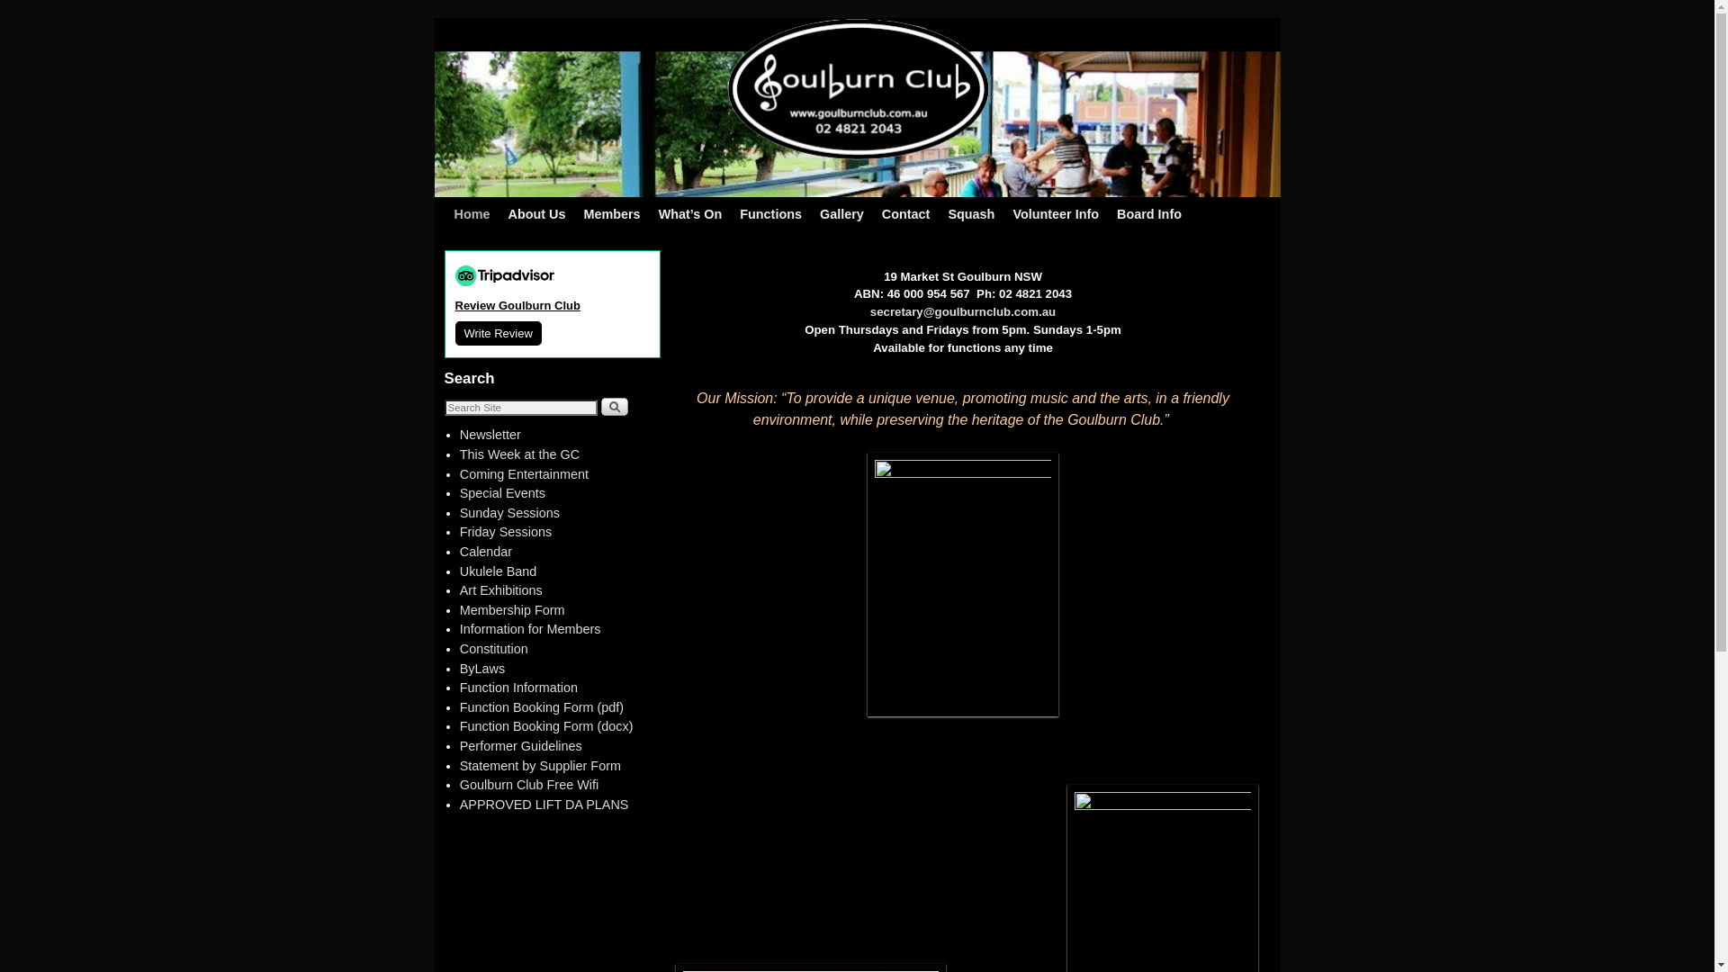 Image resolution: width=1728 pixels, height=972 pixels. What do you see at coordinates (520, 746) in the screenshot?
I see `'Performer Guidelines'` at bounding box center [520, 746].